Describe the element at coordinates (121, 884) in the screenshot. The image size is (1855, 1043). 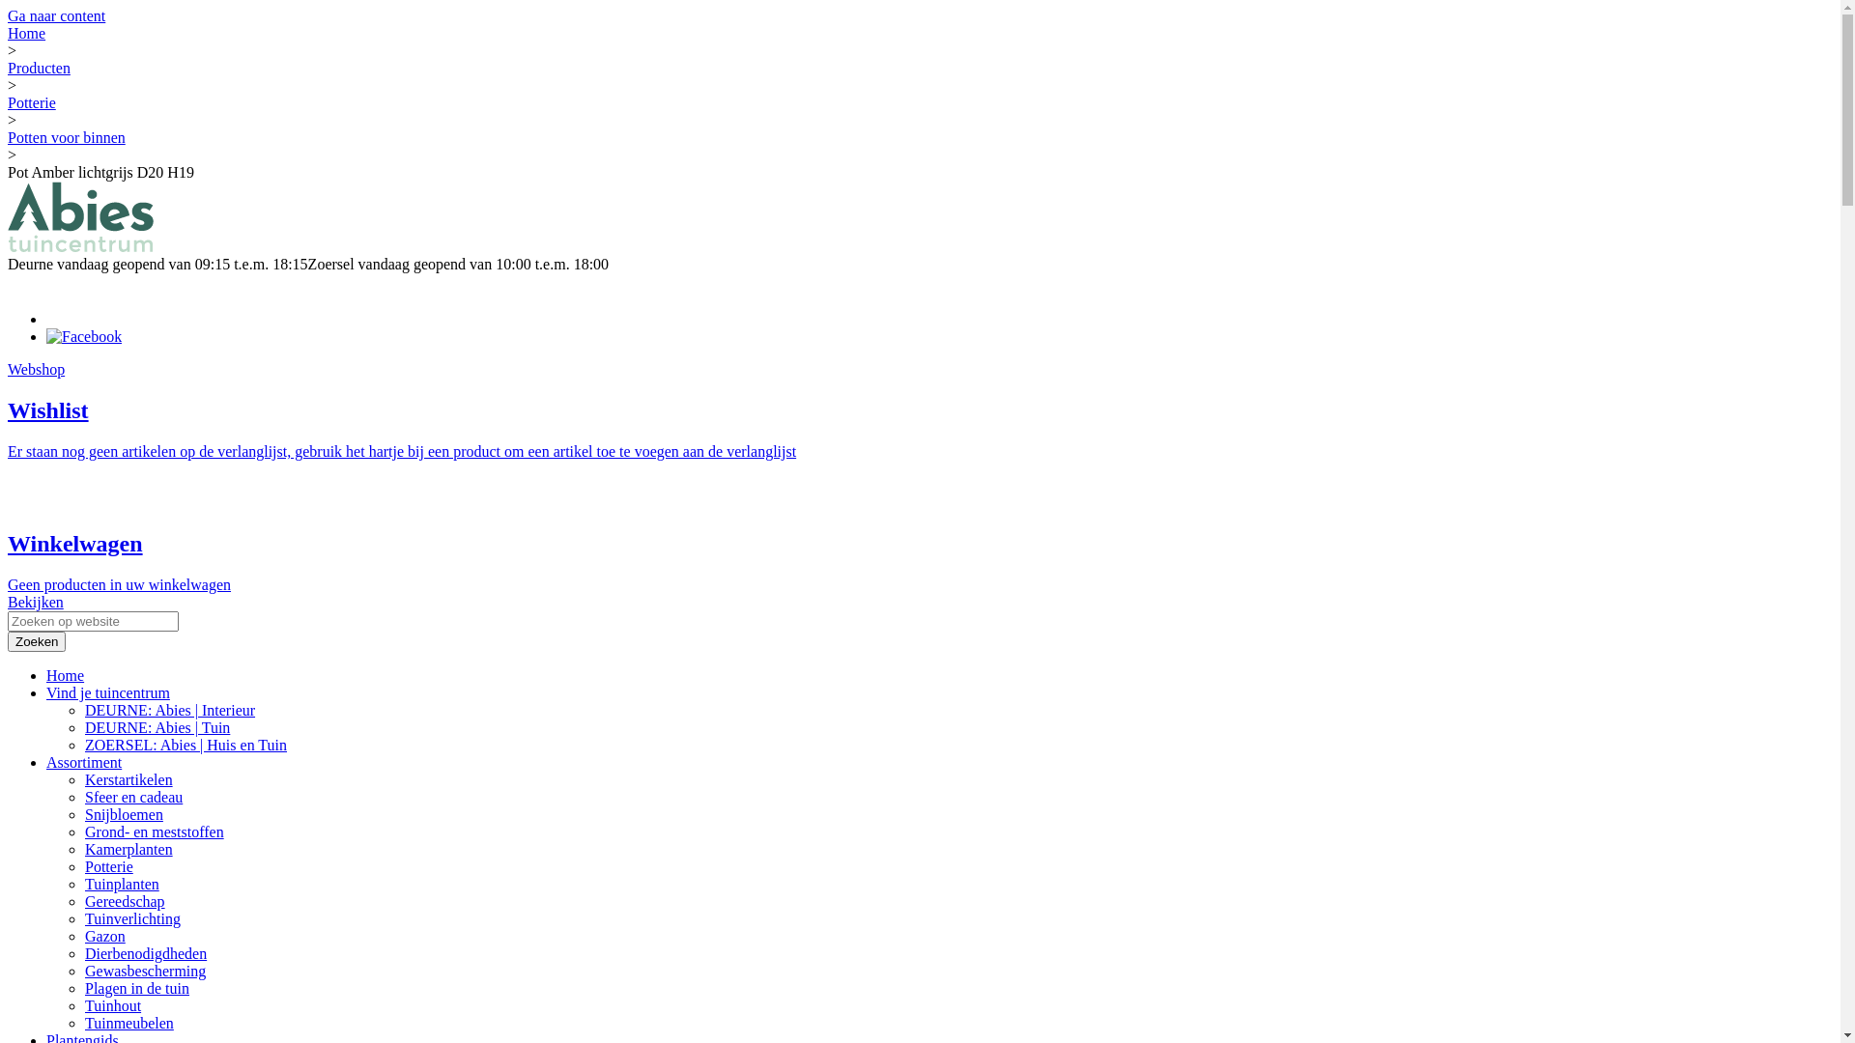
I see `'Tuinplanten'` at that location.